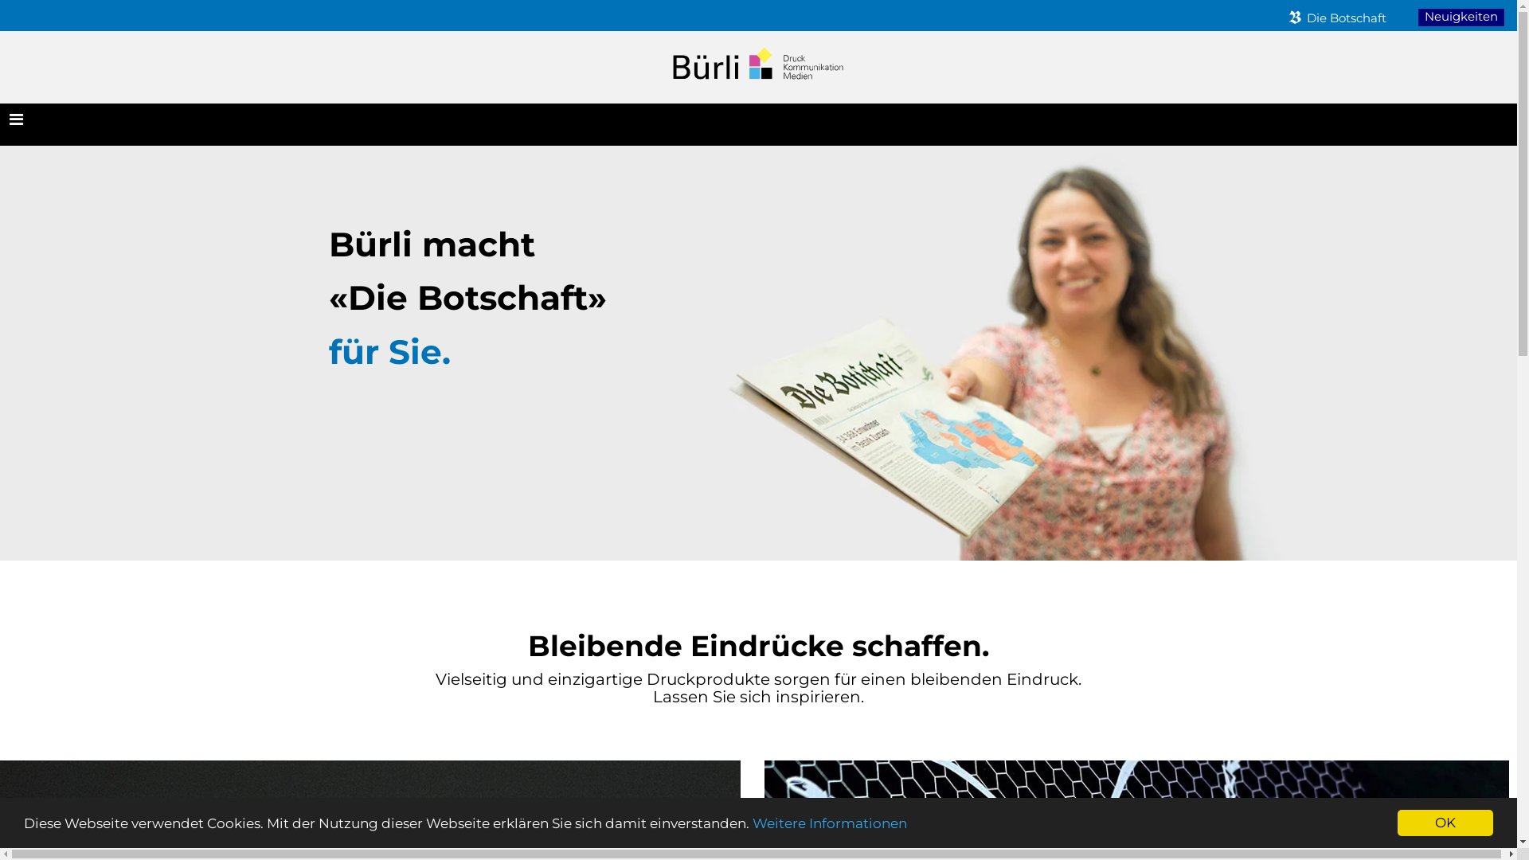 The height and width of the screenshot is (860, 1529). What do you see at coordinates (1461, 18) in the screenshot?
I see `'Neuigkeiten'` at bounding box center [1461, 18].